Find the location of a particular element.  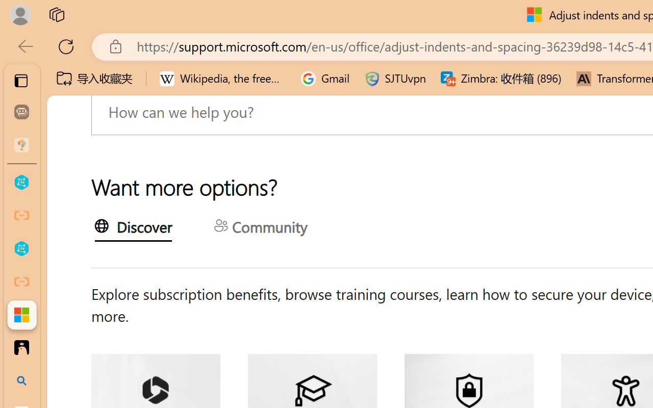

'wangyian_webcrawler - DSW' is located at coordinates (21, 249).